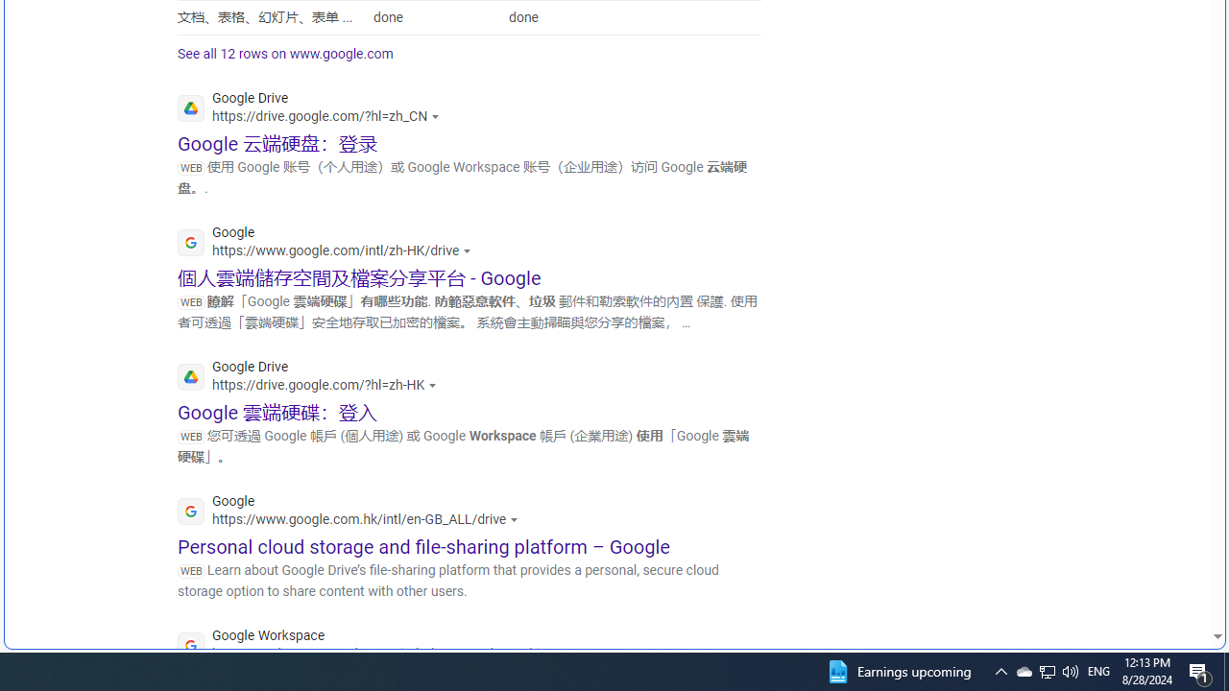 Image resolution: width=1229 pixels, height=691 pixels. I want to click on 'Google', so click(353, 512).